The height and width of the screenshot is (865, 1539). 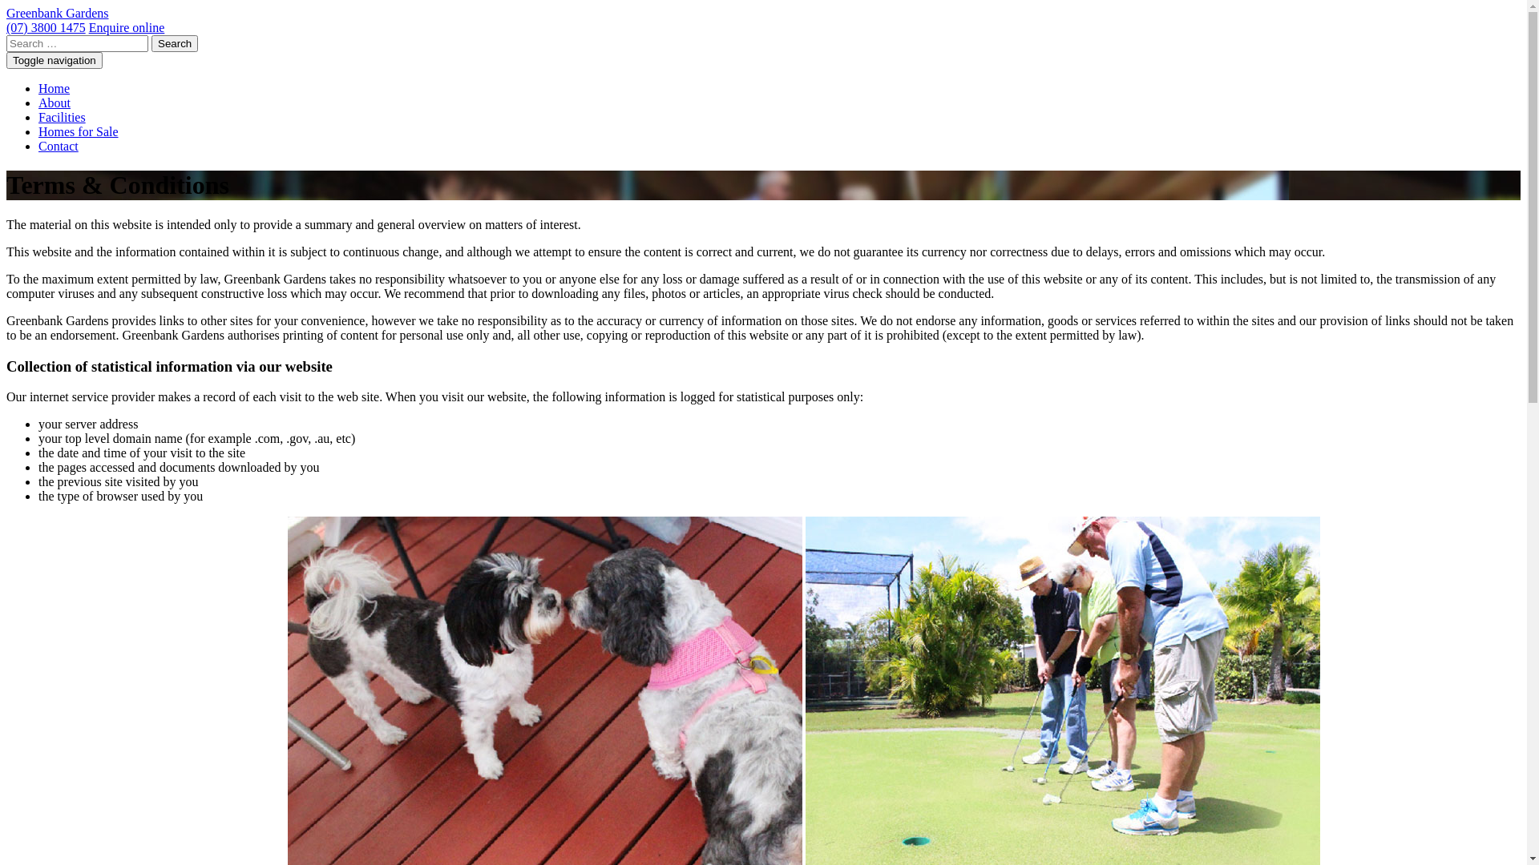 I want to click on '(07) 3800 1475', so click(x=6, y=27).